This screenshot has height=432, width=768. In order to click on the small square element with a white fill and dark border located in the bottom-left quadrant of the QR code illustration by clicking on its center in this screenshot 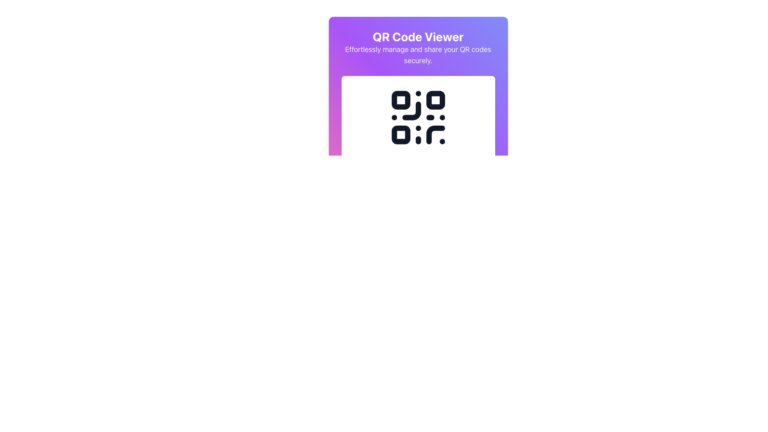, I will do `click(401, 134)`.